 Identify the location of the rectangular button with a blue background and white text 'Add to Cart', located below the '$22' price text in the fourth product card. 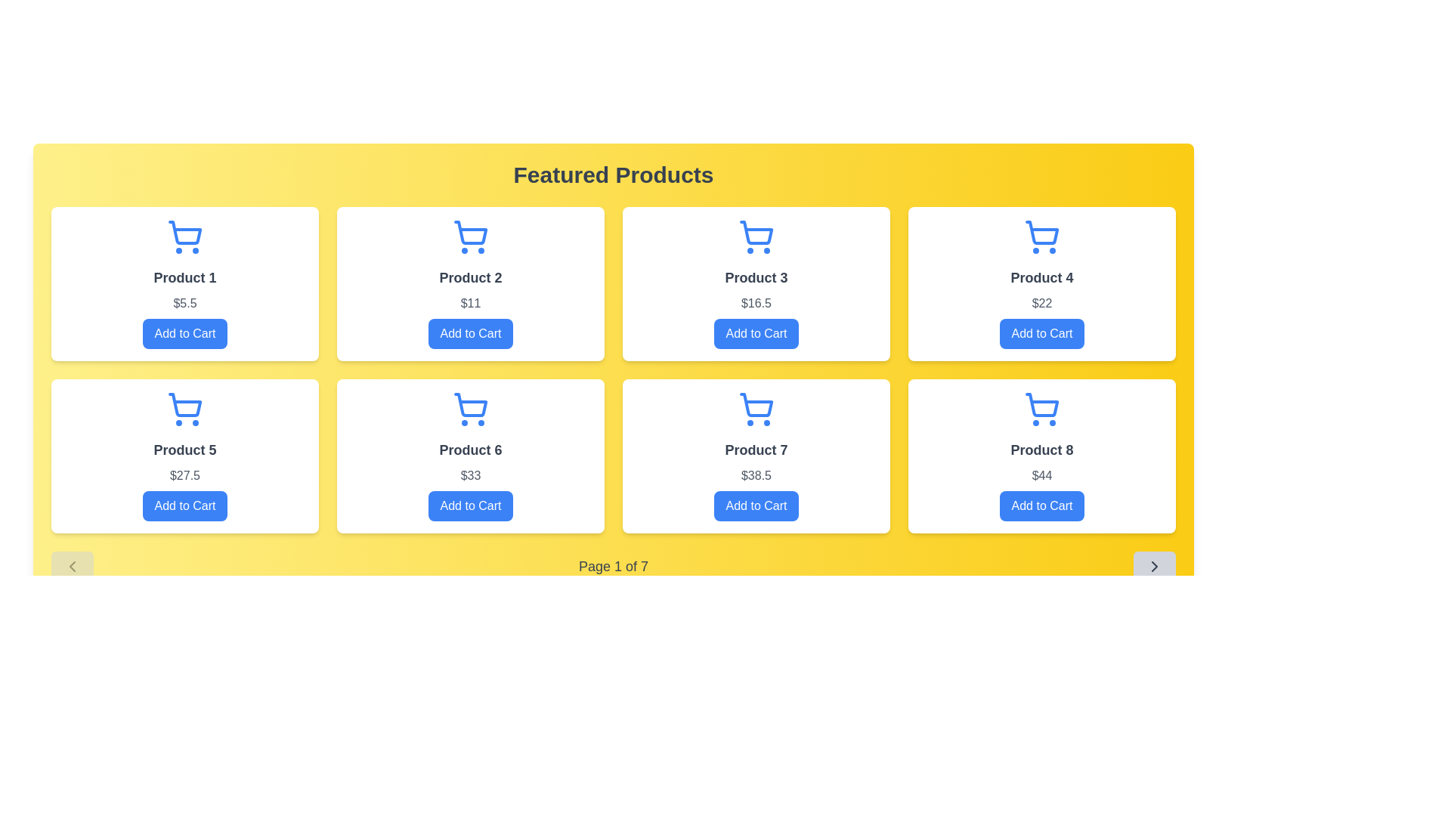
(1041, 333).